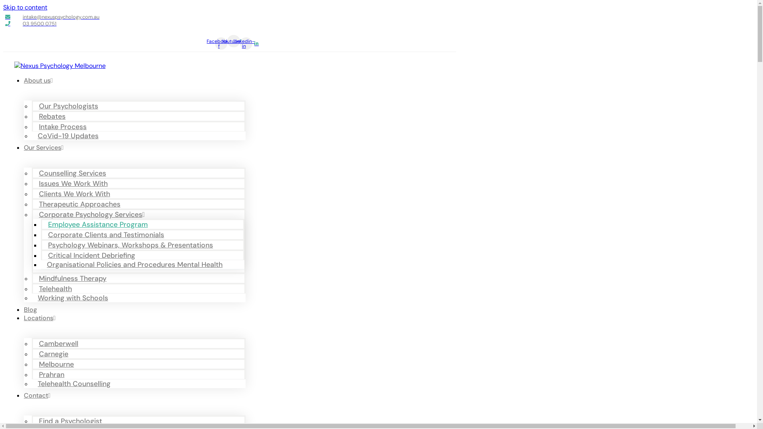 The height and width of the screenshot is (429, 763). Describe the element at coordinates (30, 309) in the screenshot. I see `'Blog'` at that location.